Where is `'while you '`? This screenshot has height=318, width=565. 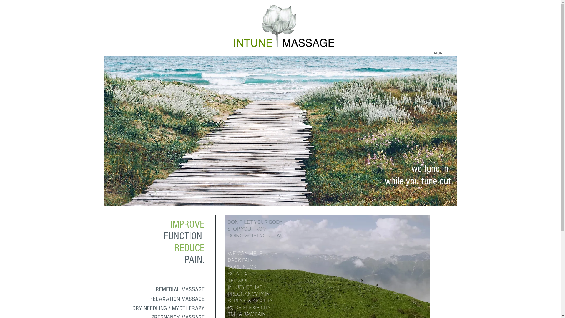
'while you ' is located at coordinates (403, 180).